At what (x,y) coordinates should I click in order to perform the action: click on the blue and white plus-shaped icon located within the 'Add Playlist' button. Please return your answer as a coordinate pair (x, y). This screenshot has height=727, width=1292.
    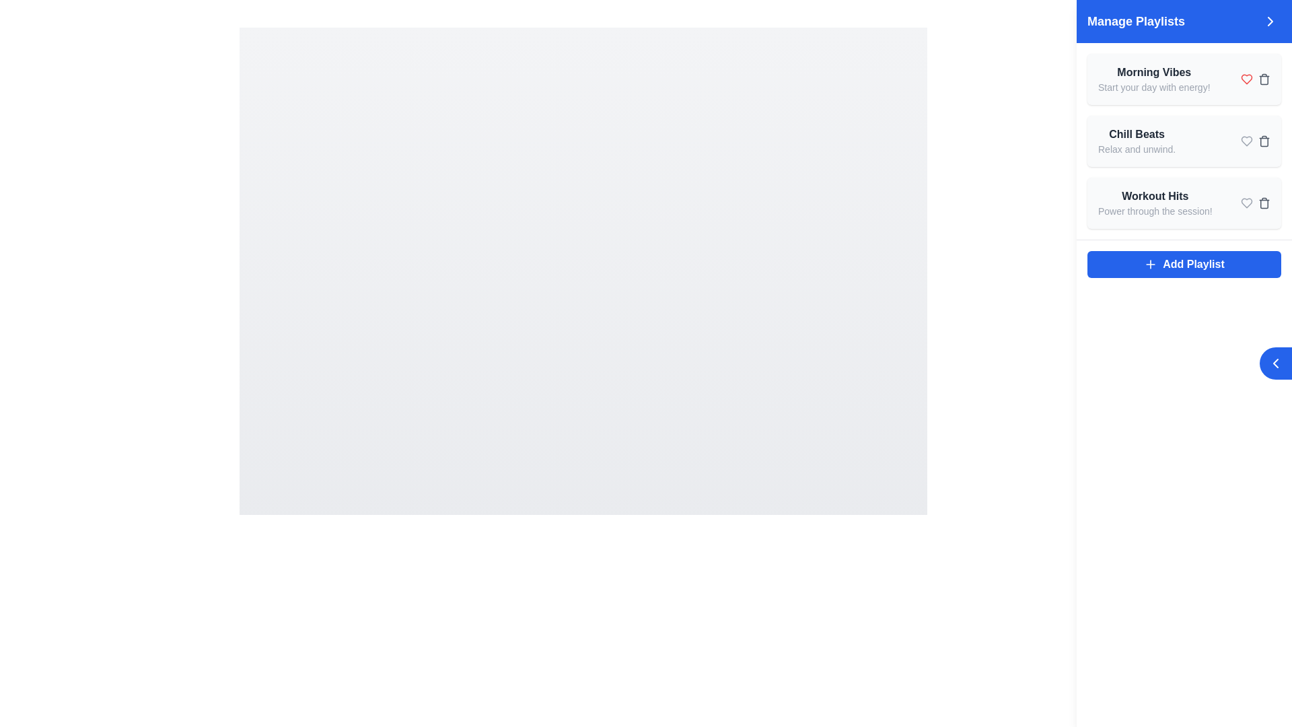
    Looking at the image, I should click on (1150, 265).